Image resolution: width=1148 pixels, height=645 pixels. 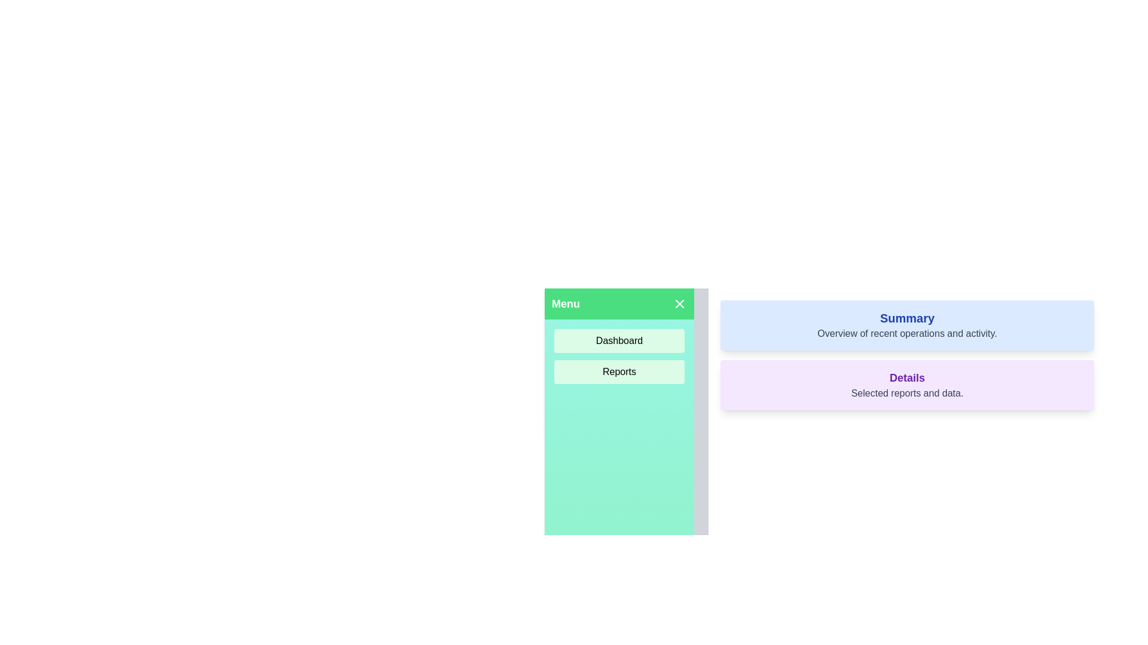 I want to click on text content of the 'Details' label located above the 'Selected reports and data.' description in the right-middle region of the interface, so click(x=907, y=377).